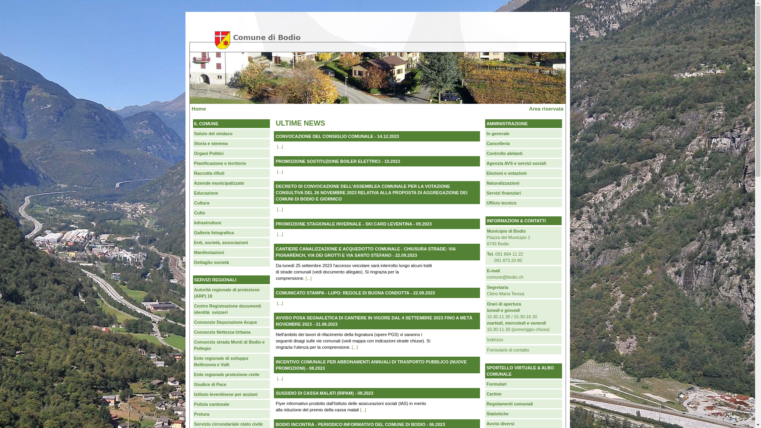 This screenshot has width=761, height=428. What do you see at coordinates (231, 172) in the screenshot?
I see `'Raccolta rifiuti'` at bounding box center [231, 172].